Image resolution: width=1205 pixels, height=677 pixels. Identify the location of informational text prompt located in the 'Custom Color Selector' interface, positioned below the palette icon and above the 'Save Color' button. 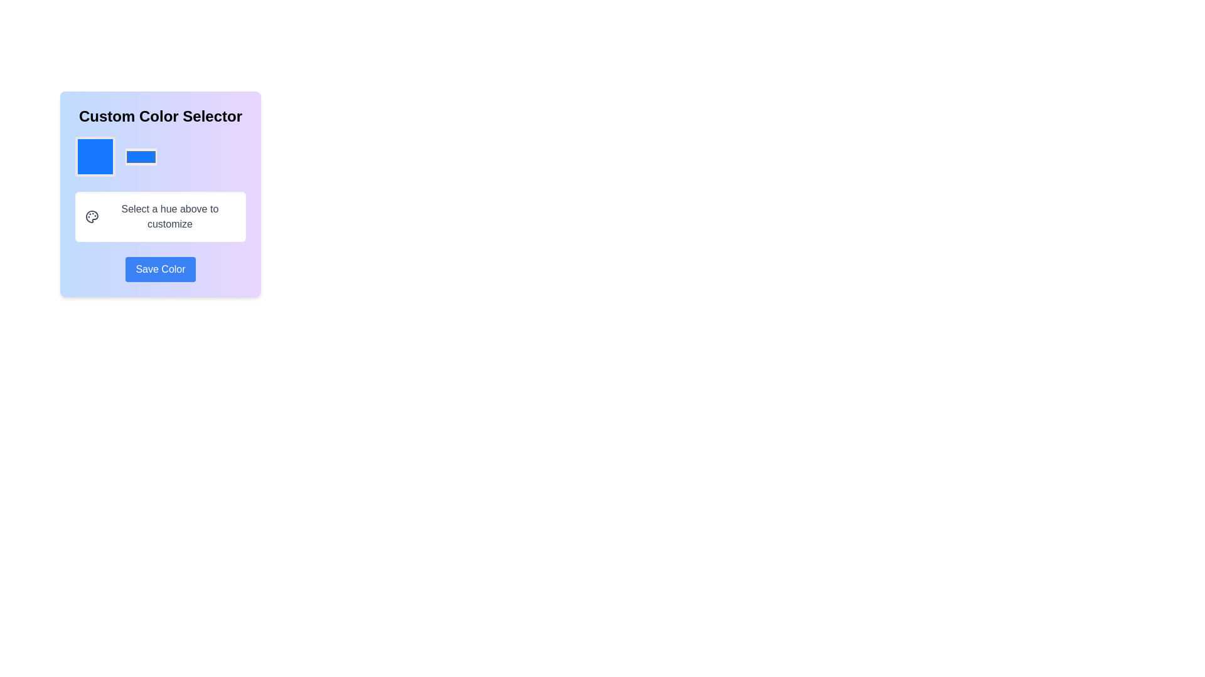
(169, 216).